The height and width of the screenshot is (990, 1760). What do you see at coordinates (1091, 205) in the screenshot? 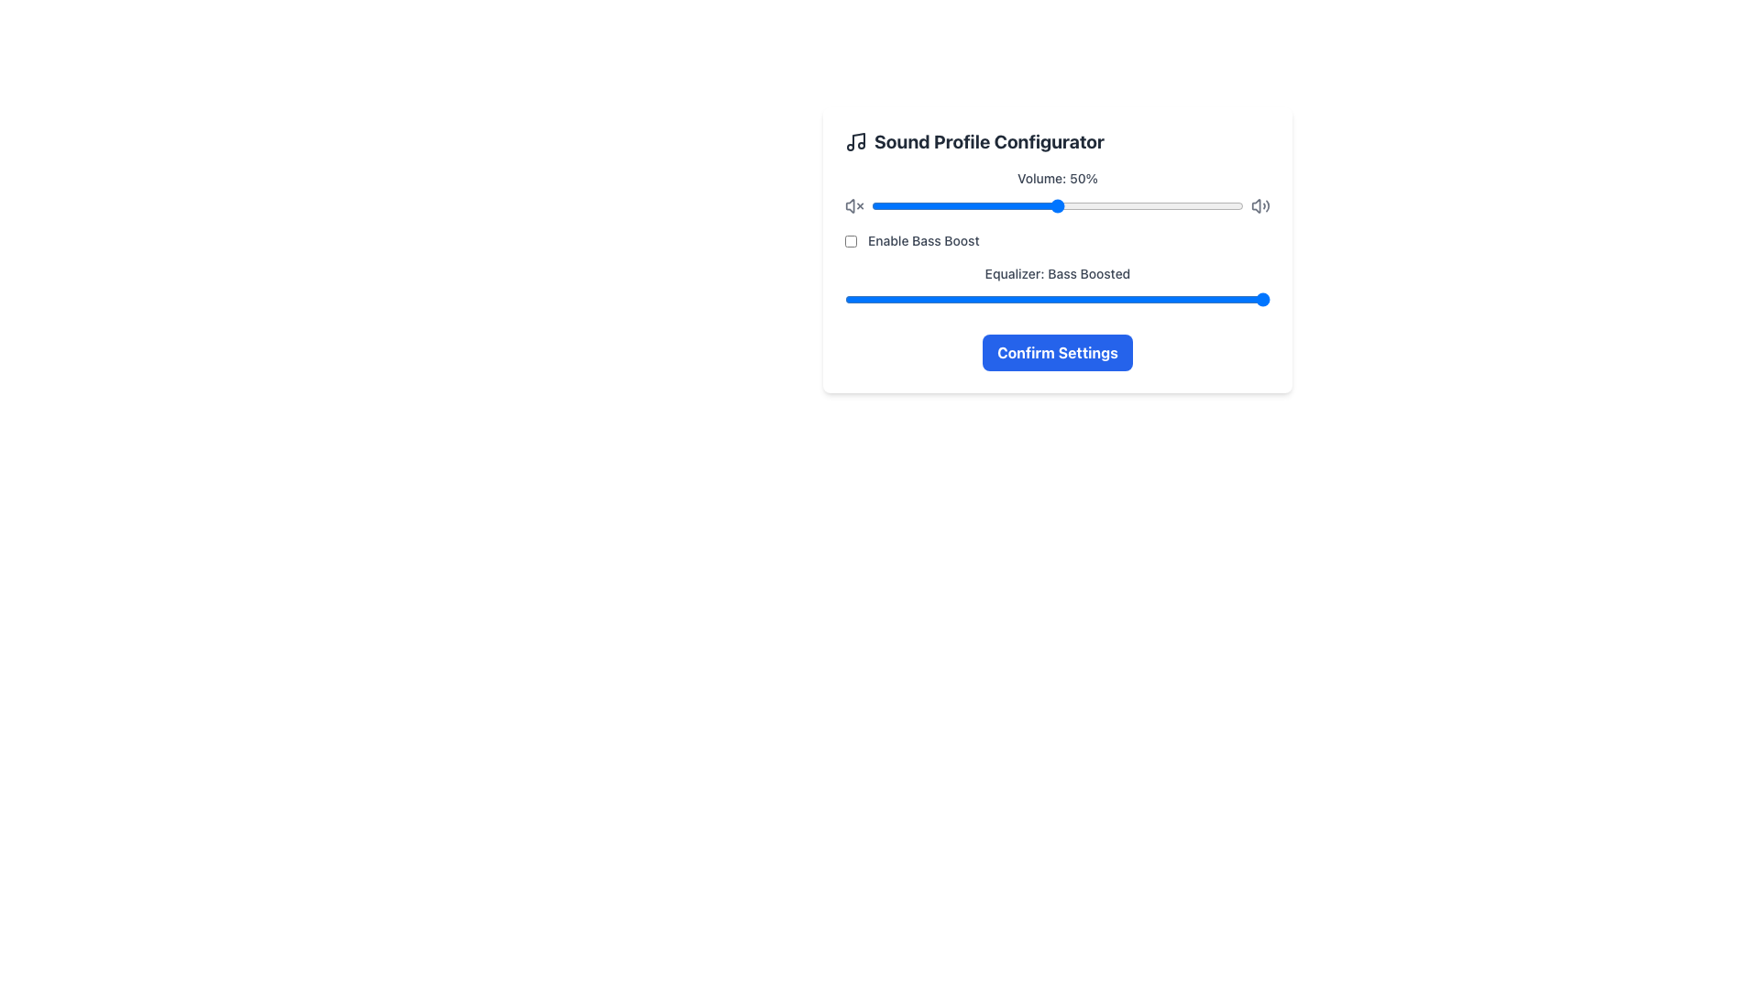
I see `volume` at bounding box center [1091, 205].